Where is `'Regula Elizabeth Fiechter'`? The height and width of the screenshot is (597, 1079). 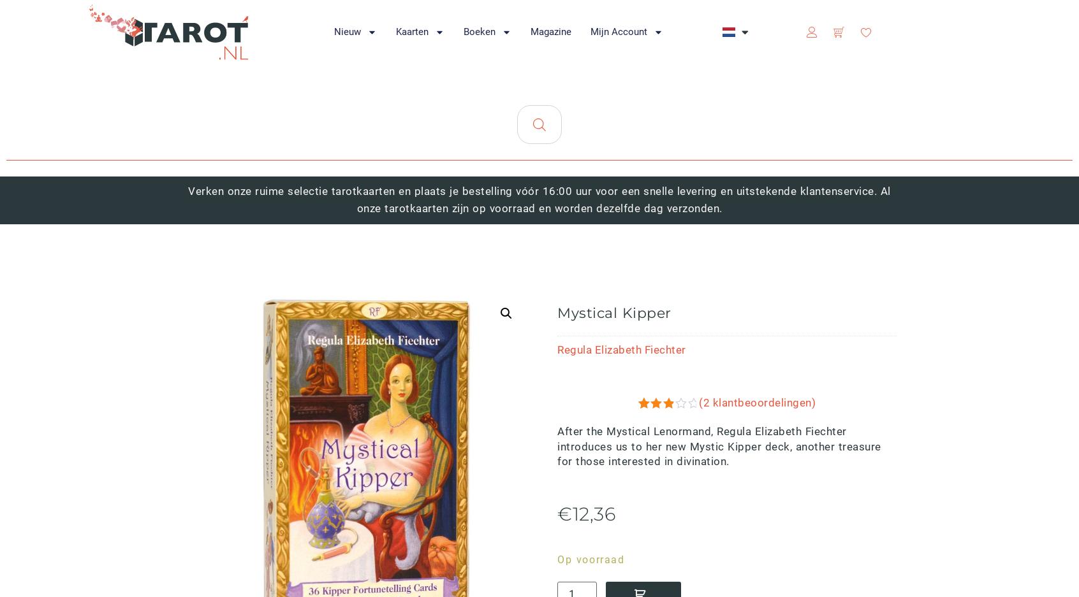 'Regula Elizabeth Fiechter' is located at coordinates (621, 349).